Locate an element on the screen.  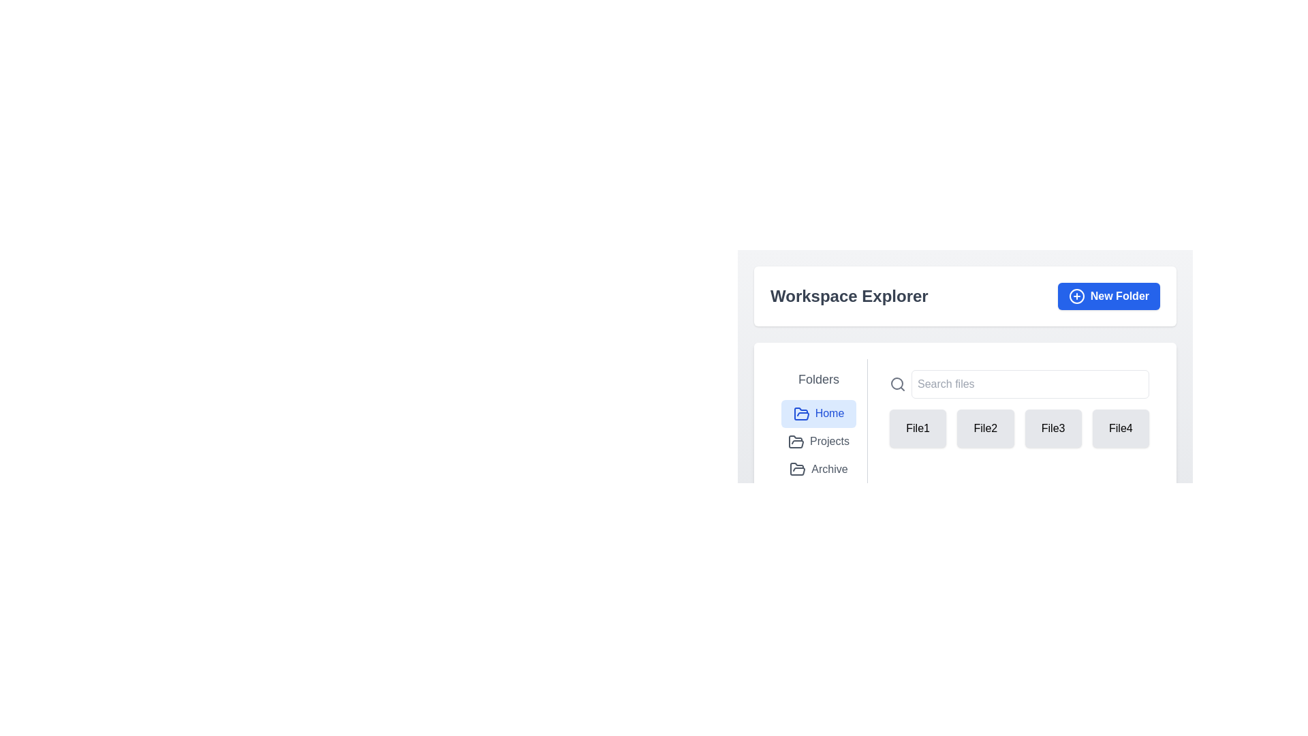
the button labeled 'File3' in the 'Workspace Explorer' section is located at coordinates (1053, 427).